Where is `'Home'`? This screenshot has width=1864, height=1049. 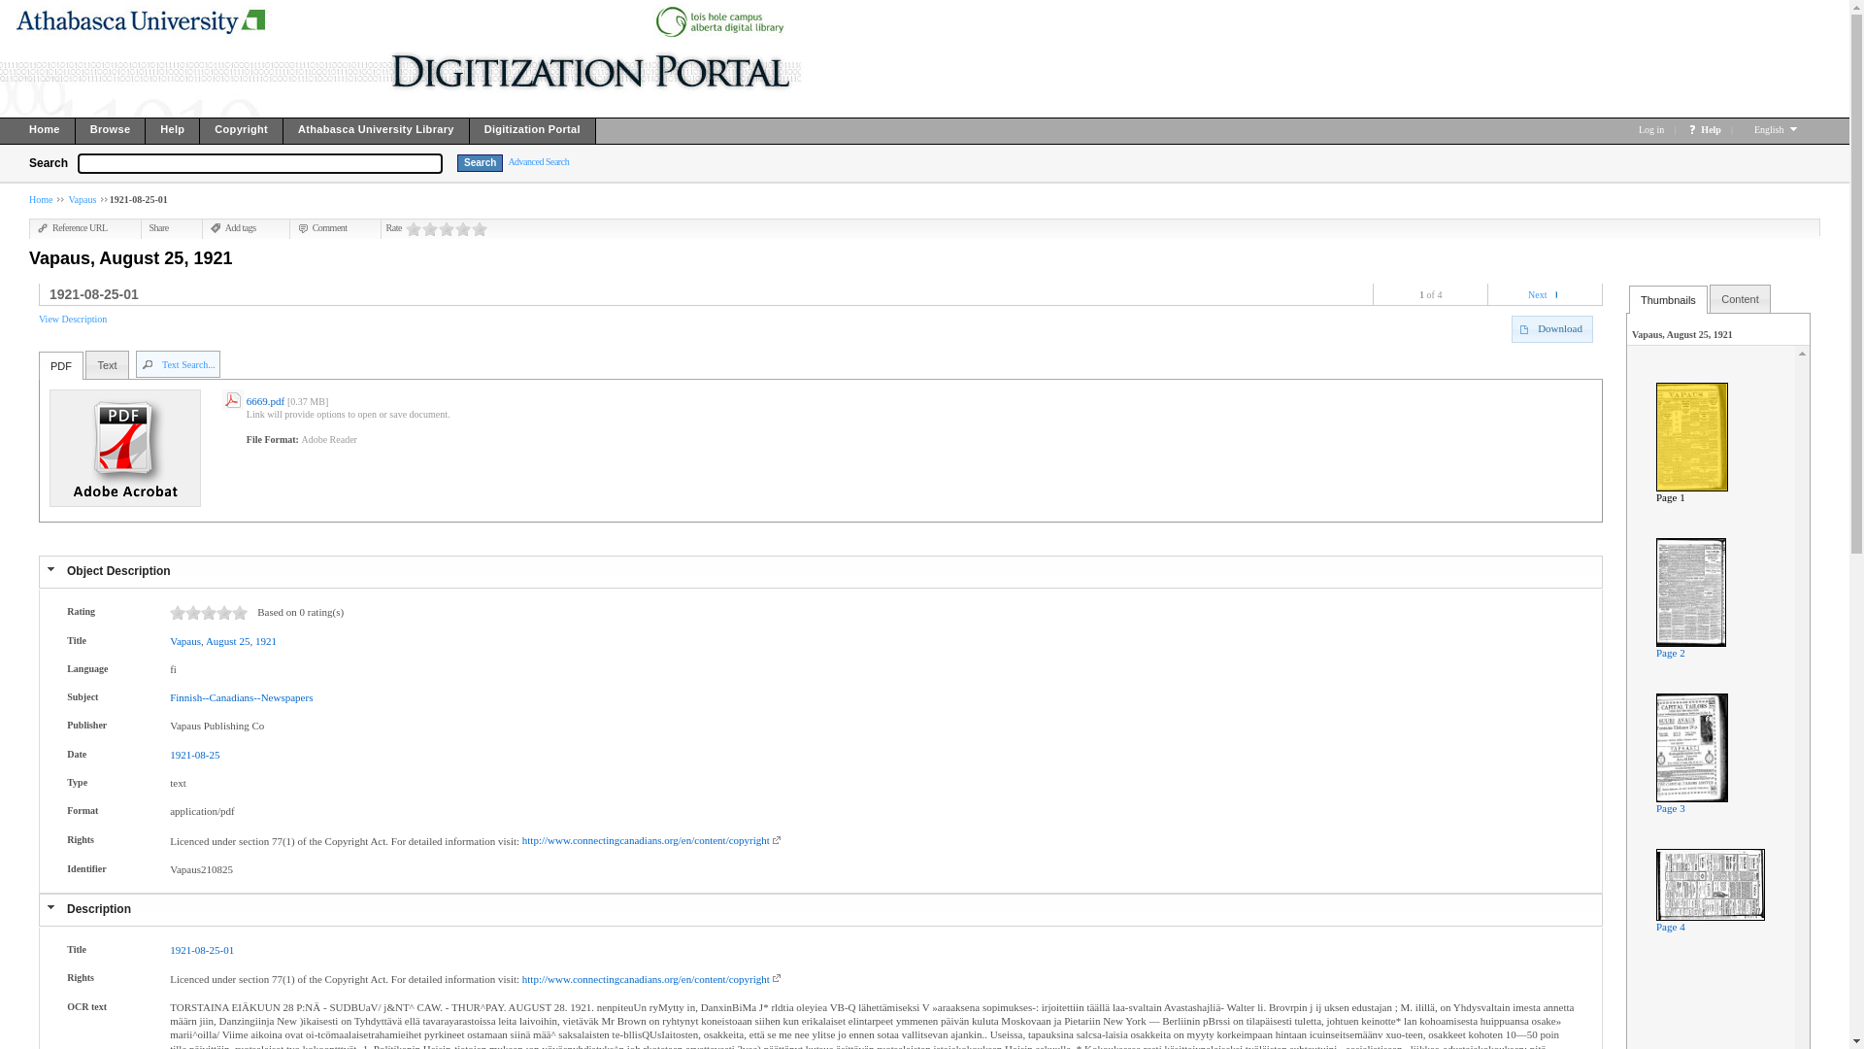
'Home' is located at coordinates (41, 199).